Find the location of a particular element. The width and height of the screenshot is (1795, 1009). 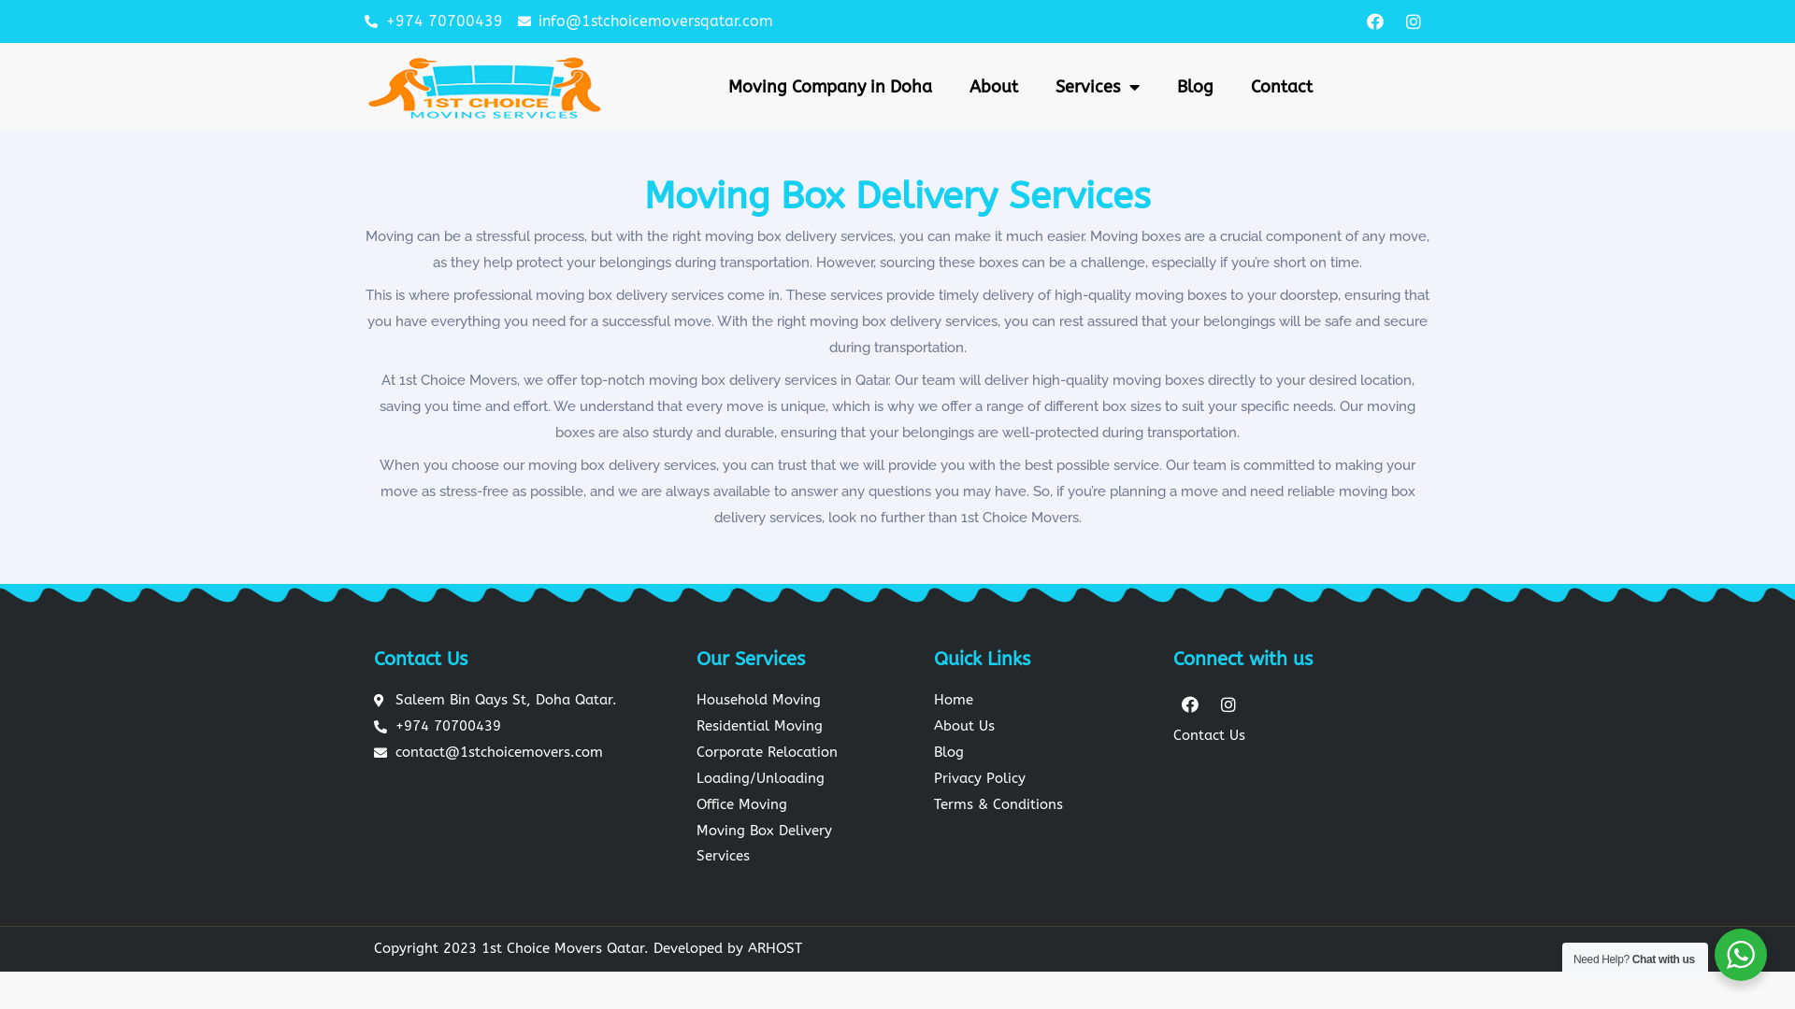

'Office Moving' is located at coordinates (792, 803).